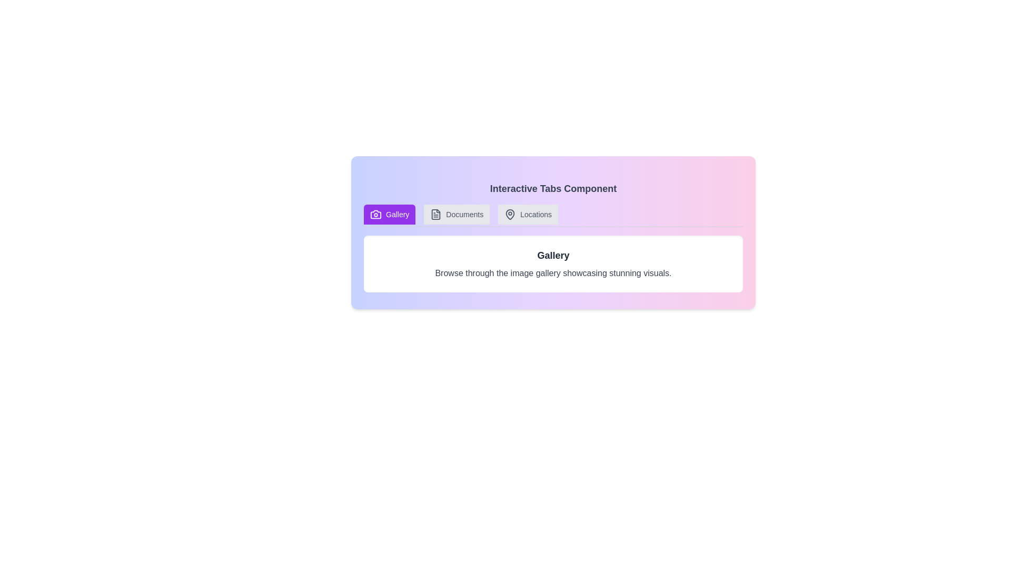 The image size is (1011, 568). Describe the element at coordinates (457, 214) in the screenshot. I see `the Documents tab` at that location.